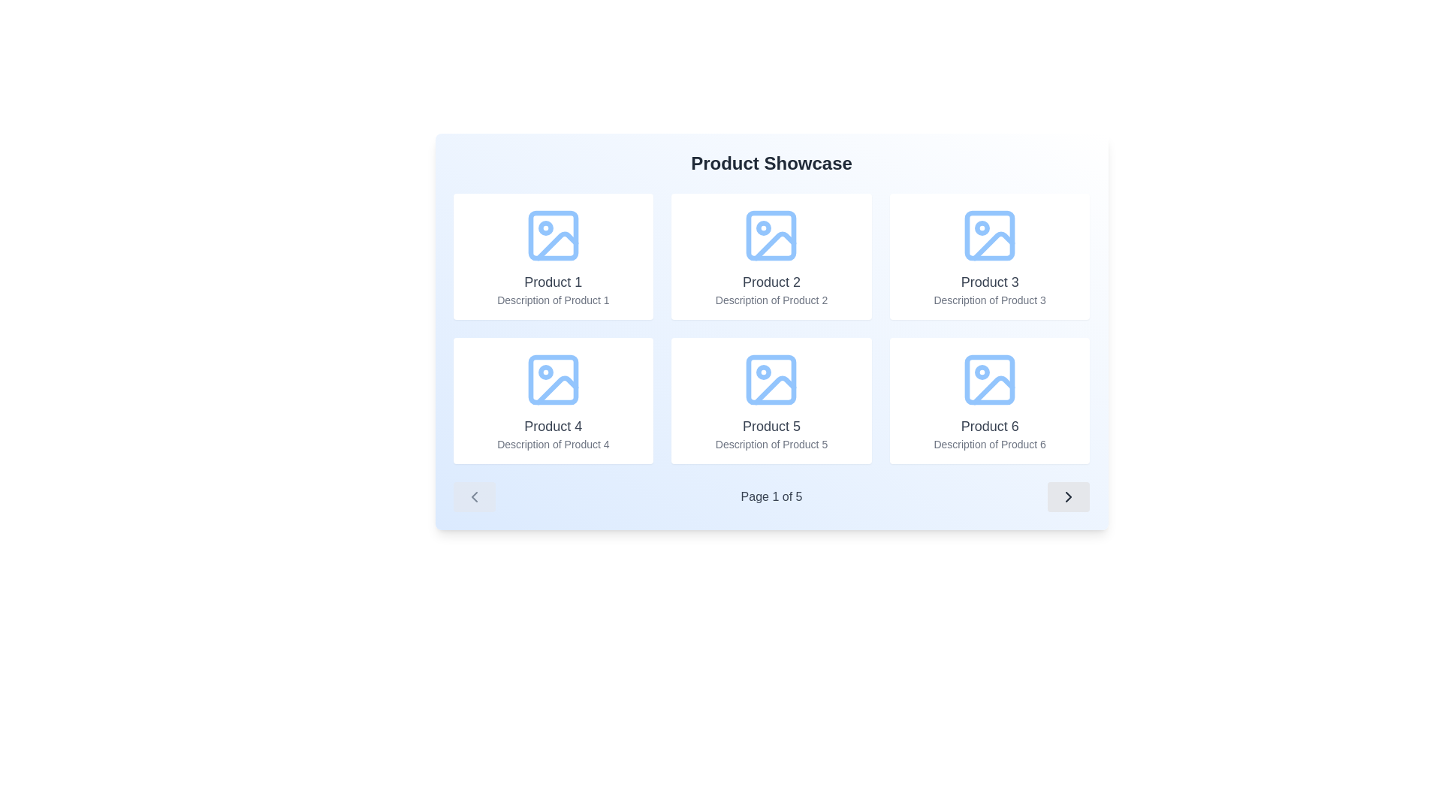 The image size is (1442, 811). Describe the element at coordinates (552, 443) in the screenshot. I see `text label that displays 'Description of Product 4', which is located below the title 'Product 4' within the card in the second row, first column of the grid` at that location.